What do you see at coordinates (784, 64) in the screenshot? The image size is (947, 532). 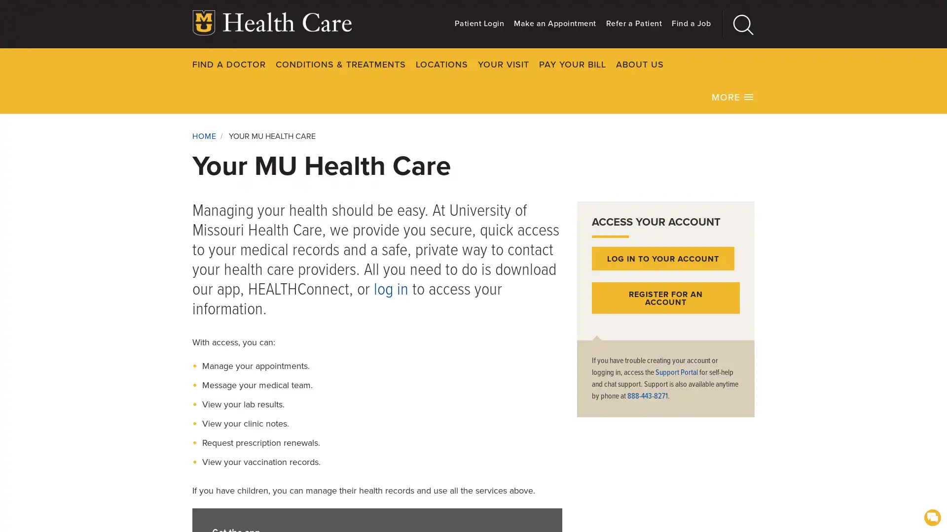 I see `CLOSE` at bounding box center [784, 64].